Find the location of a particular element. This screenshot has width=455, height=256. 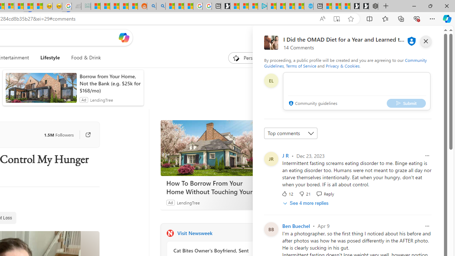

'Sort comments by' is located at coordinates (290, 133).